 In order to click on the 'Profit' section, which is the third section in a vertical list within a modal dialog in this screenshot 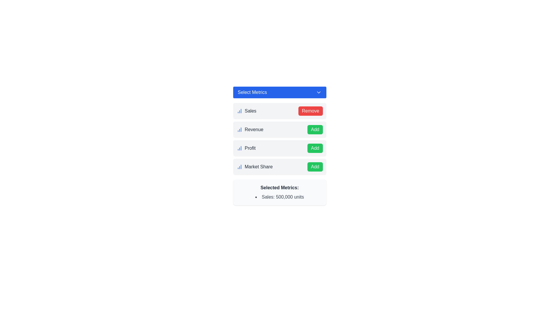, I will do `click(279, 145)`.